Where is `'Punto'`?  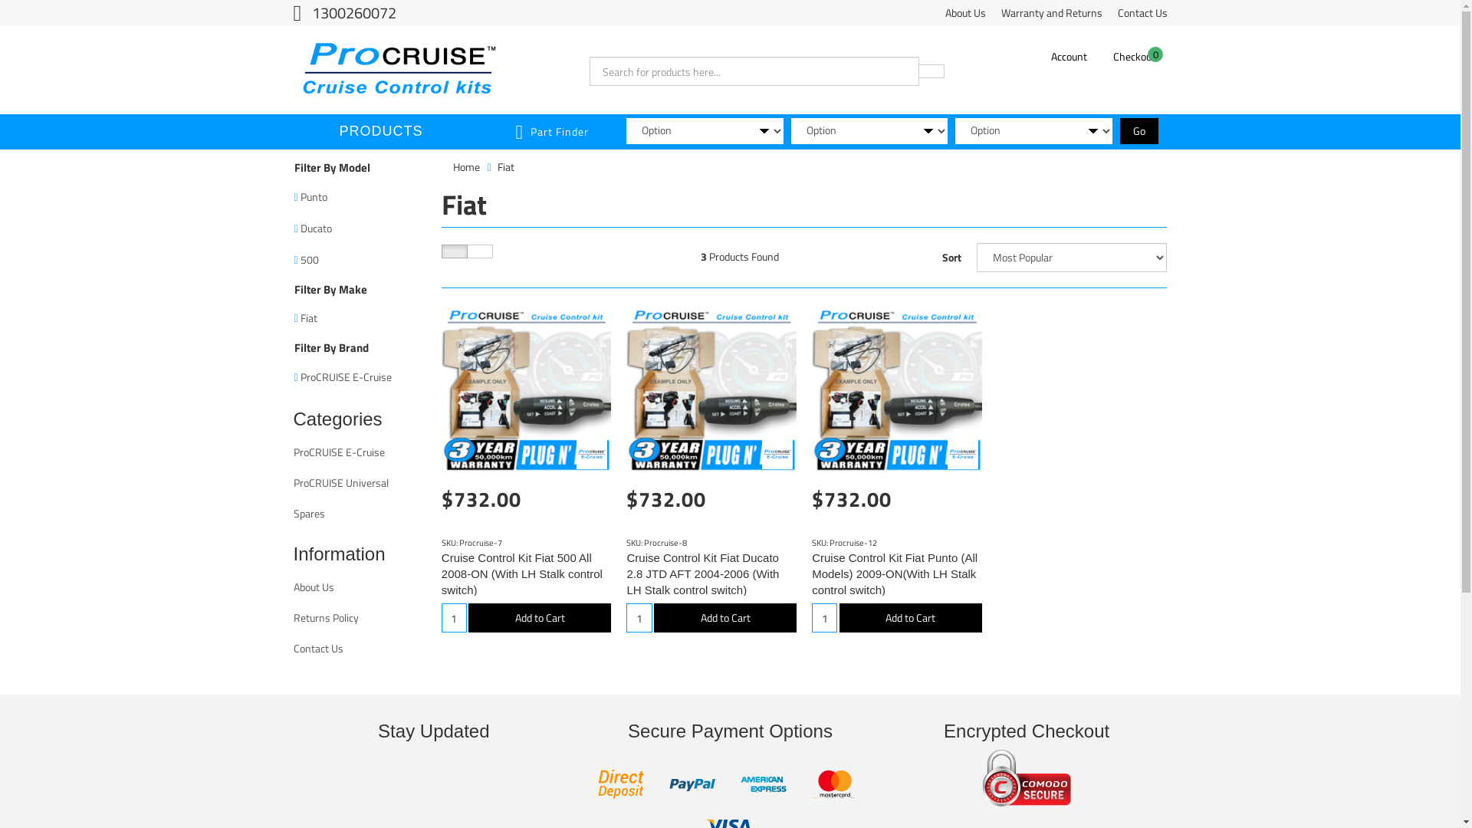
'Punto' is located at coordinates (359, 195).